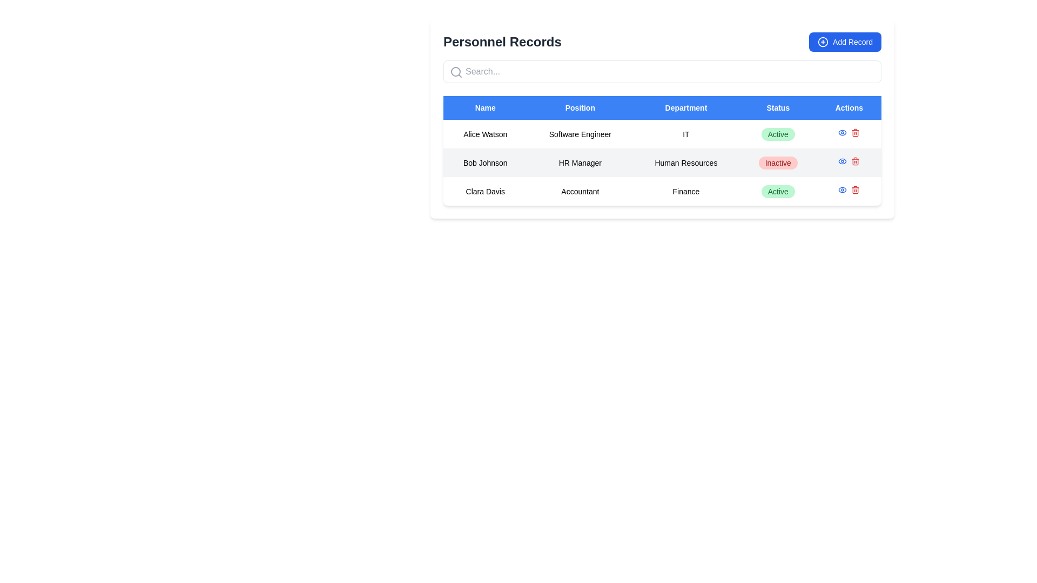 This screenshot has height=583, width=1037. I want to click on the second row of the personnel records table, so click(662, 162).